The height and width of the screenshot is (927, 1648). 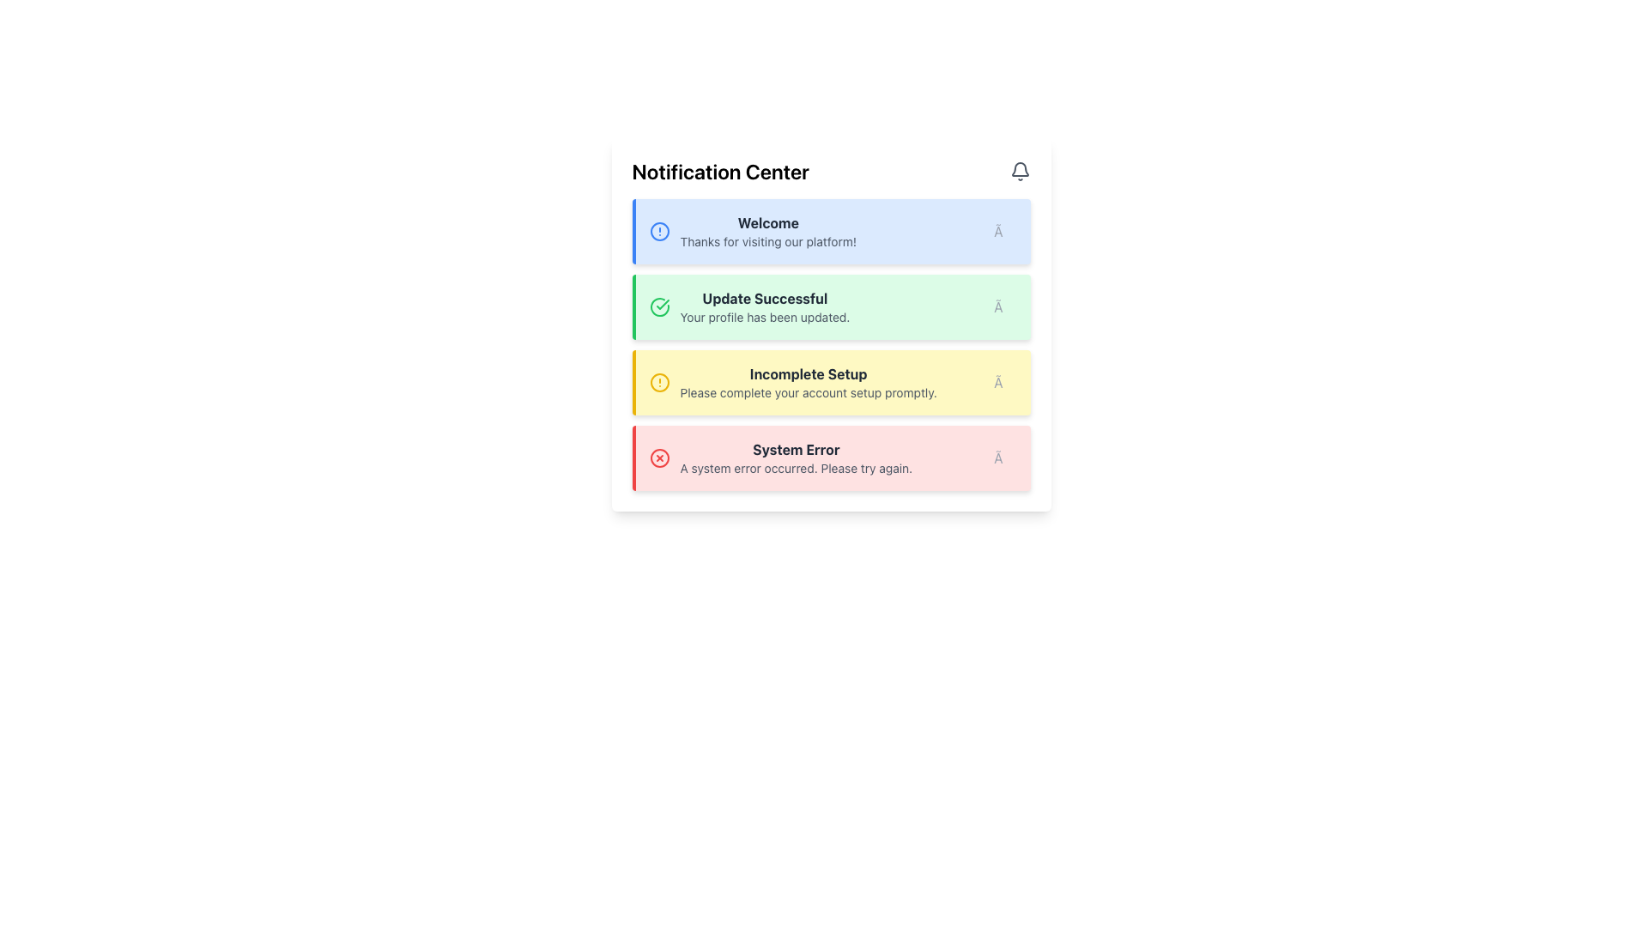 What do you see at coordinates (1020, 172) in the screenshot?
I see `the bell-shaped icon with a simplistic, outlined design located to the far-right of the 'Notification Center' title` at bounding box center [1020, 172].